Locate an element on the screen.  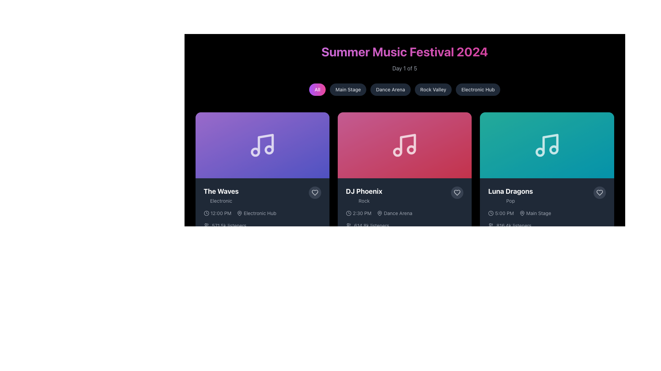
the icon representing 'Electronic Hub' located to the left of the text within the event information section for 'The Waves' is located at coordinates (240, 213).